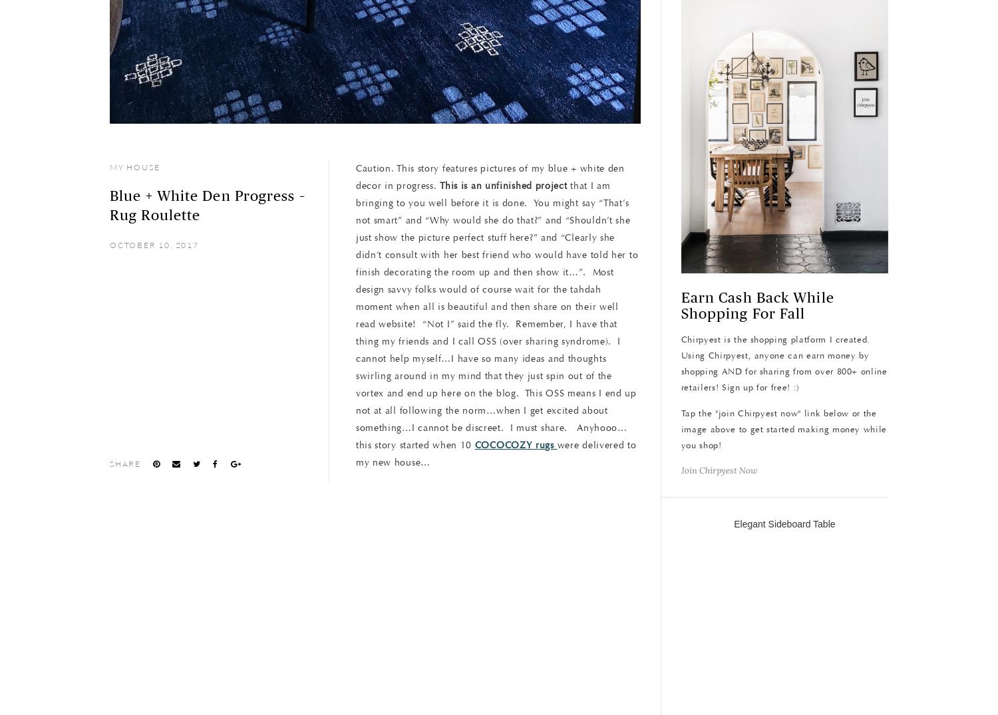  Describe the element at coordinates (110, 245) in the screenshot. I see `'October 10, 2017'` at that location.